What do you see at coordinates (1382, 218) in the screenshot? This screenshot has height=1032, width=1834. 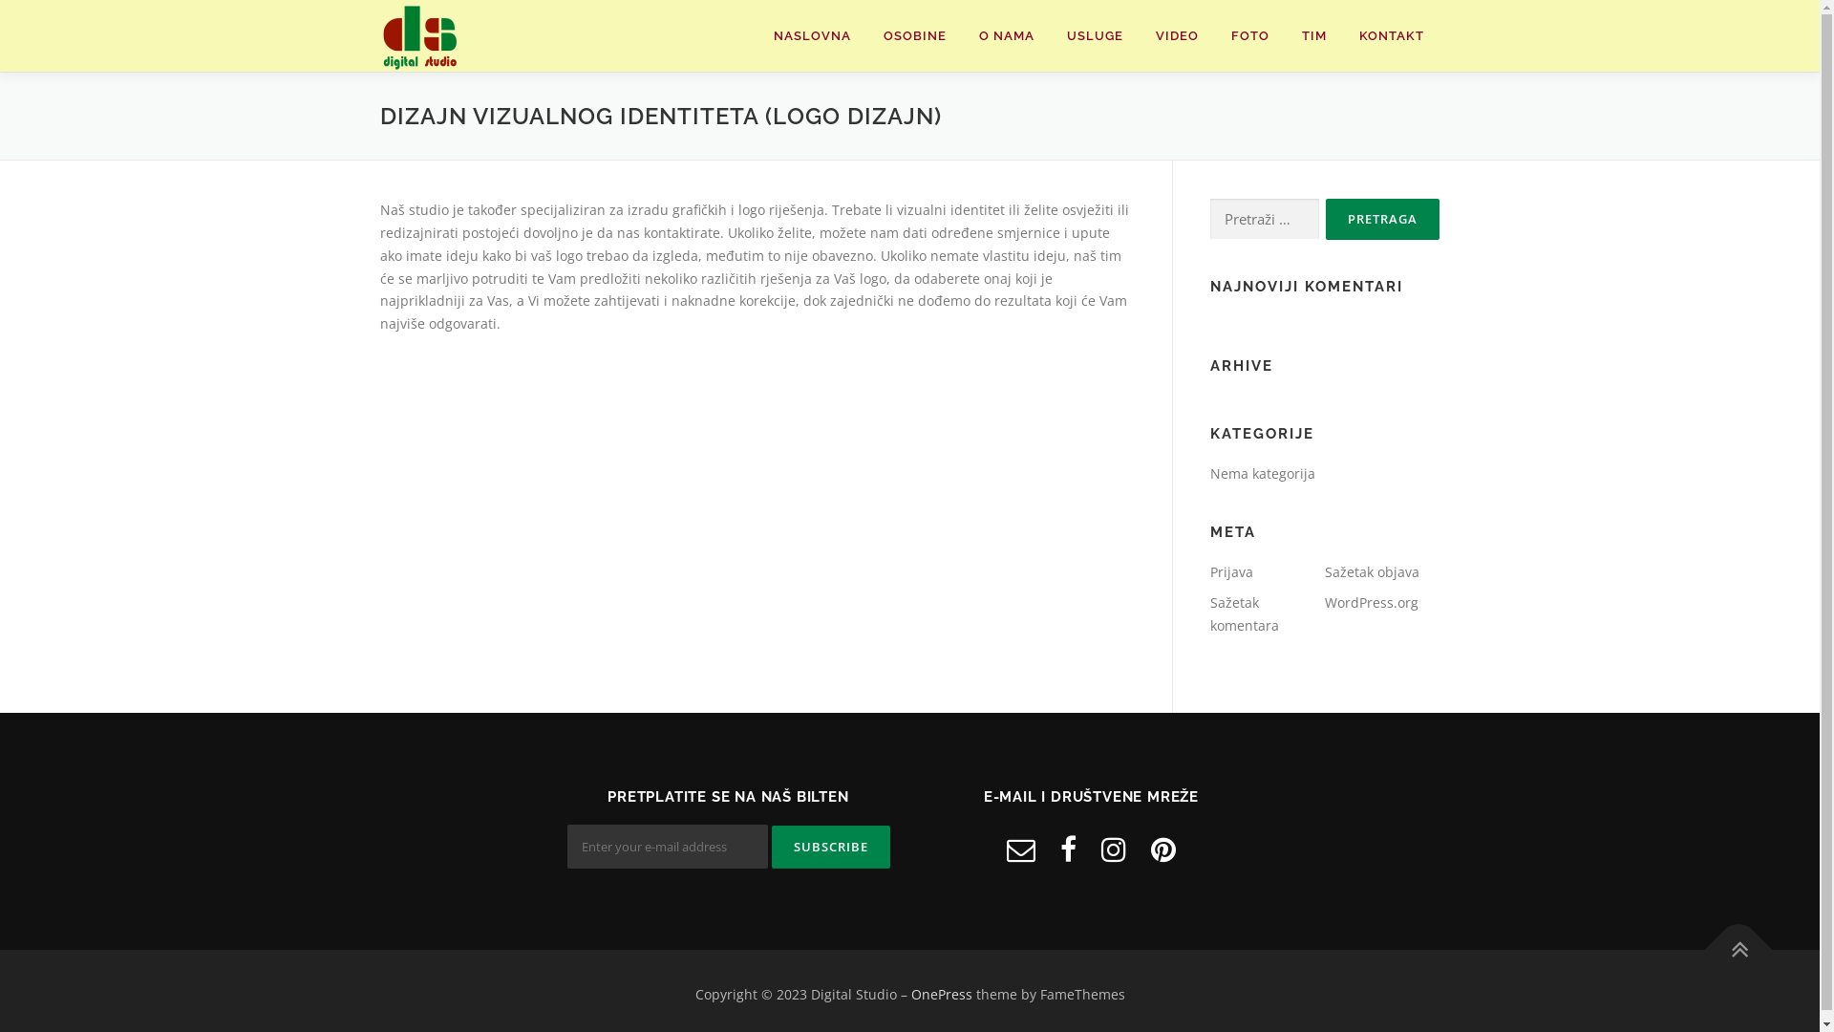 I see `'Pretraga'` at bounding box center [1382, 218].